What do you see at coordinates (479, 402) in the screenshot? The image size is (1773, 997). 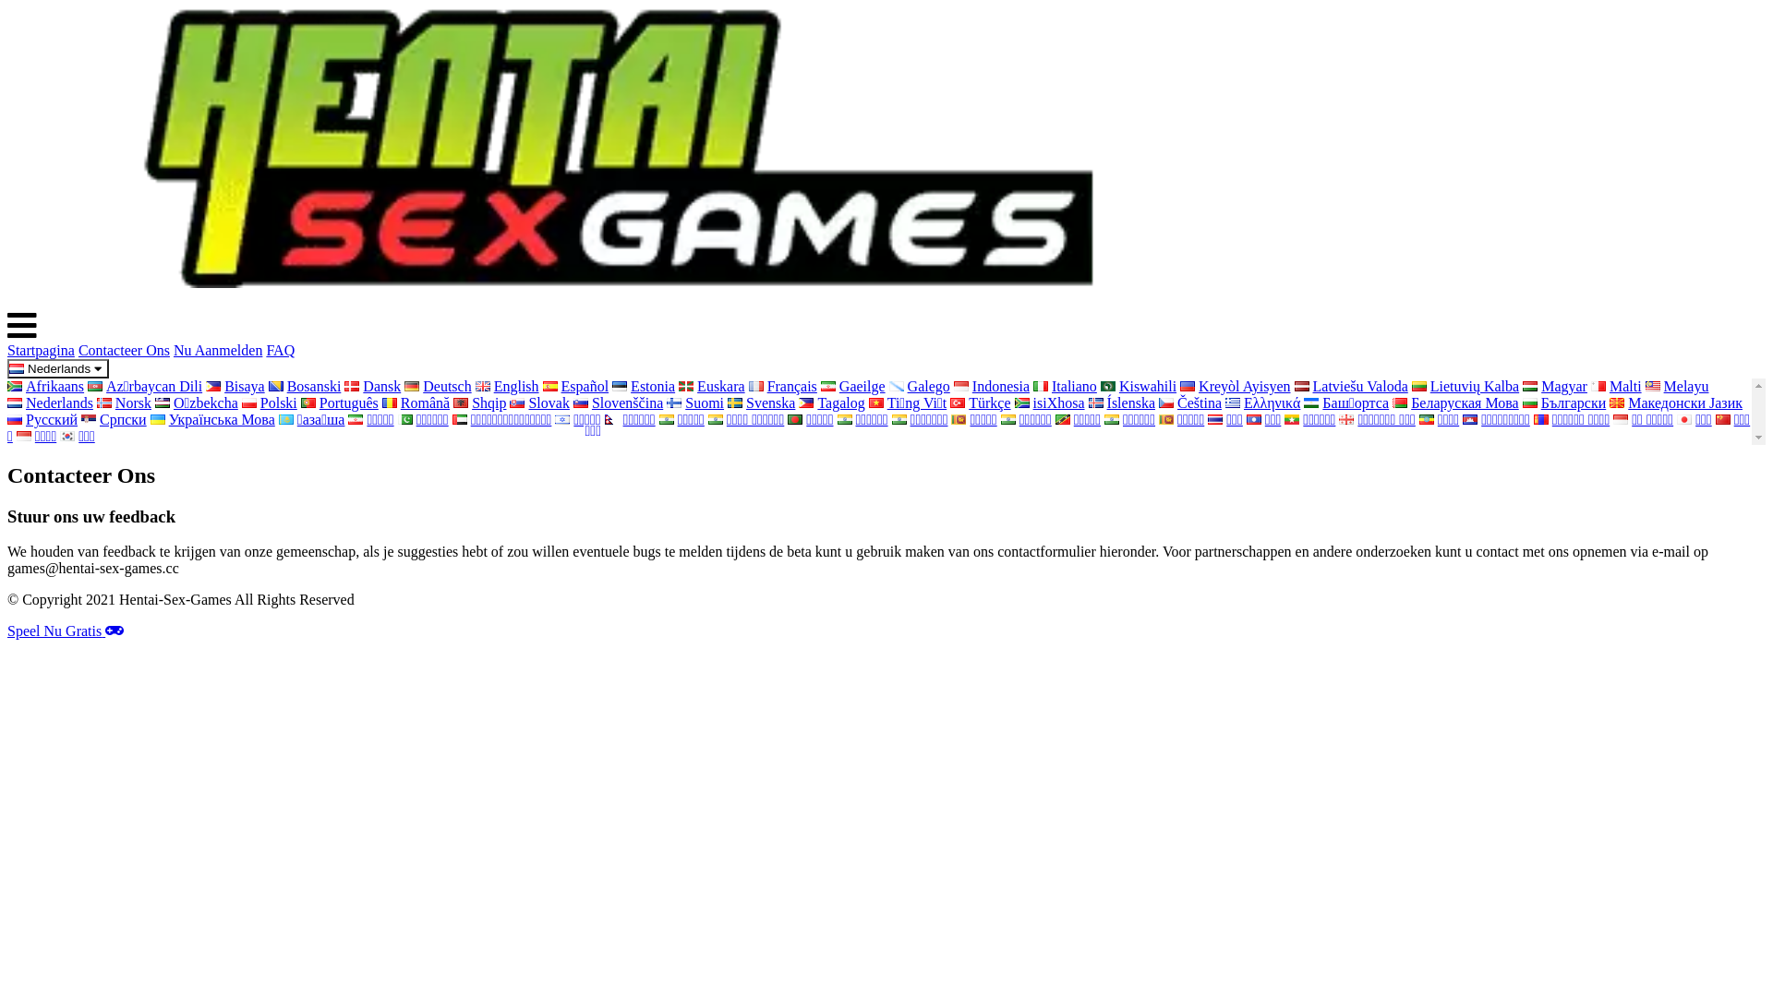 I see `'Shqip'` at bounding box center [479, 402].